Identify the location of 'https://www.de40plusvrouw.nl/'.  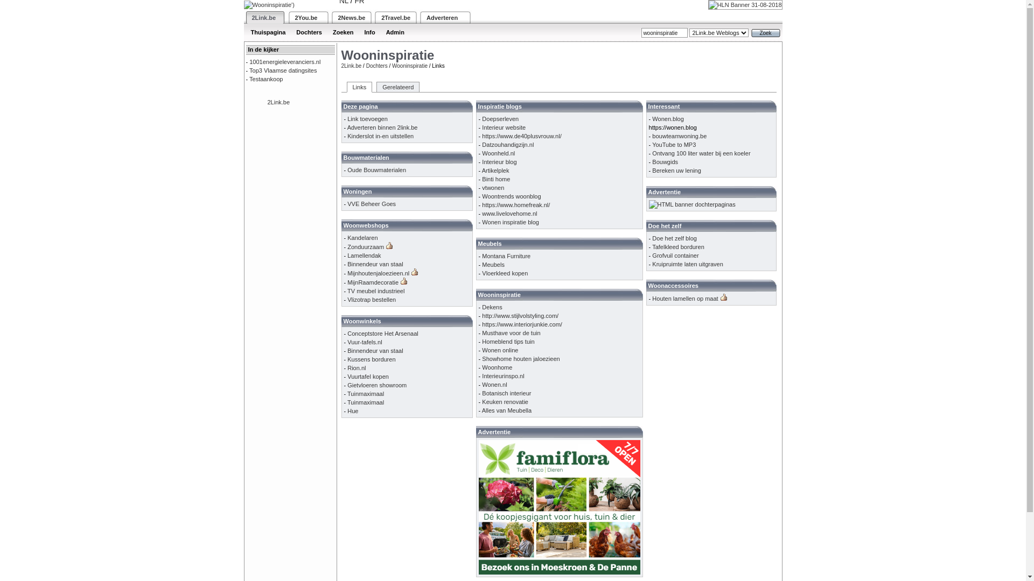
(521, 136).